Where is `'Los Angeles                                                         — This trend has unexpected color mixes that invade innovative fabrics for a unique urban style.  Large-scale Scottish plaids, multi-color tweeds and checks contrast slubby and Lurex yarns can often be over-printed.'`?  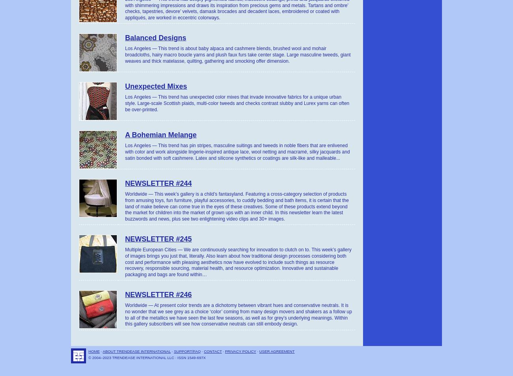 'Los Angeles                                                         — This trend has unexpected color mixes that invade innovative fabrics for a unique urban style.  Large-scale Scottish plaids, multi-color tweeds and checks contrast slubby and Lurex yarns can often be over-printed.' is located at coordinates (125, 103).